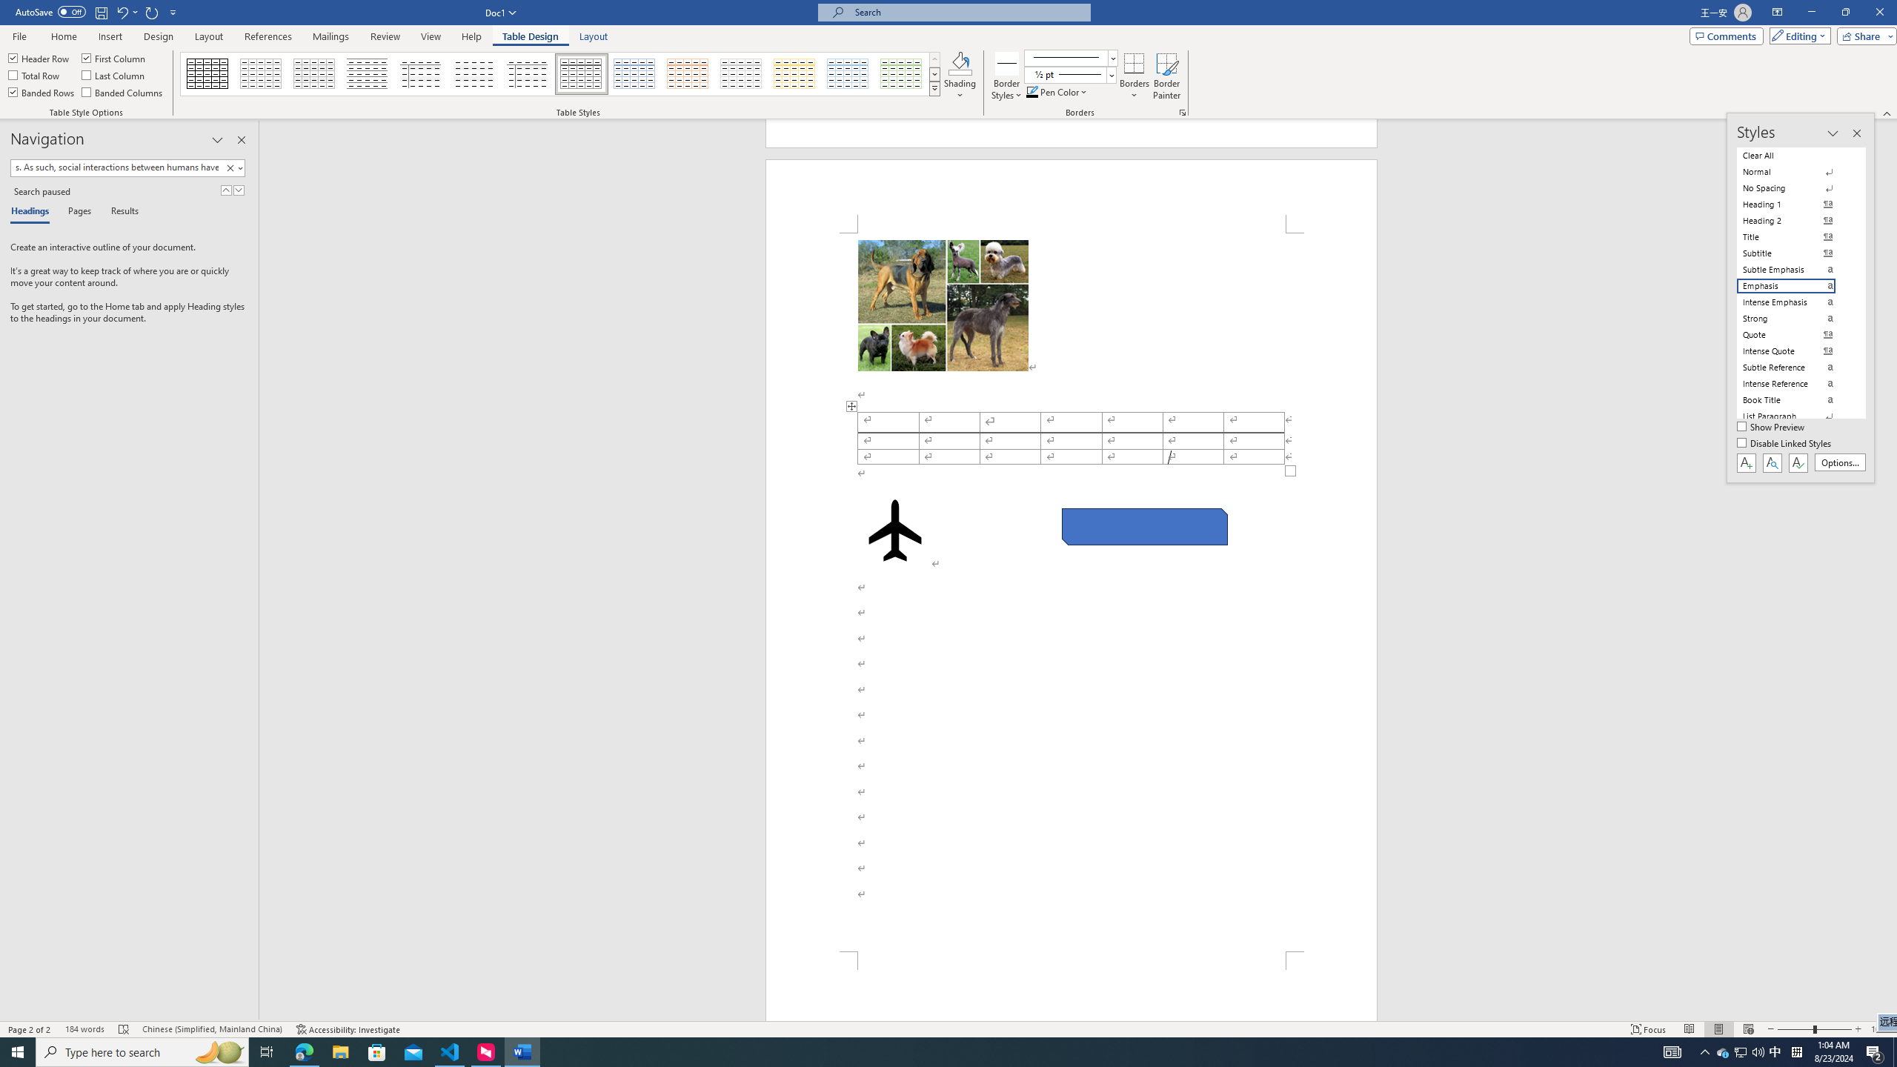  I want to click on 'Pen Color RGB(0, 0, 0)', so click(1031, 90).